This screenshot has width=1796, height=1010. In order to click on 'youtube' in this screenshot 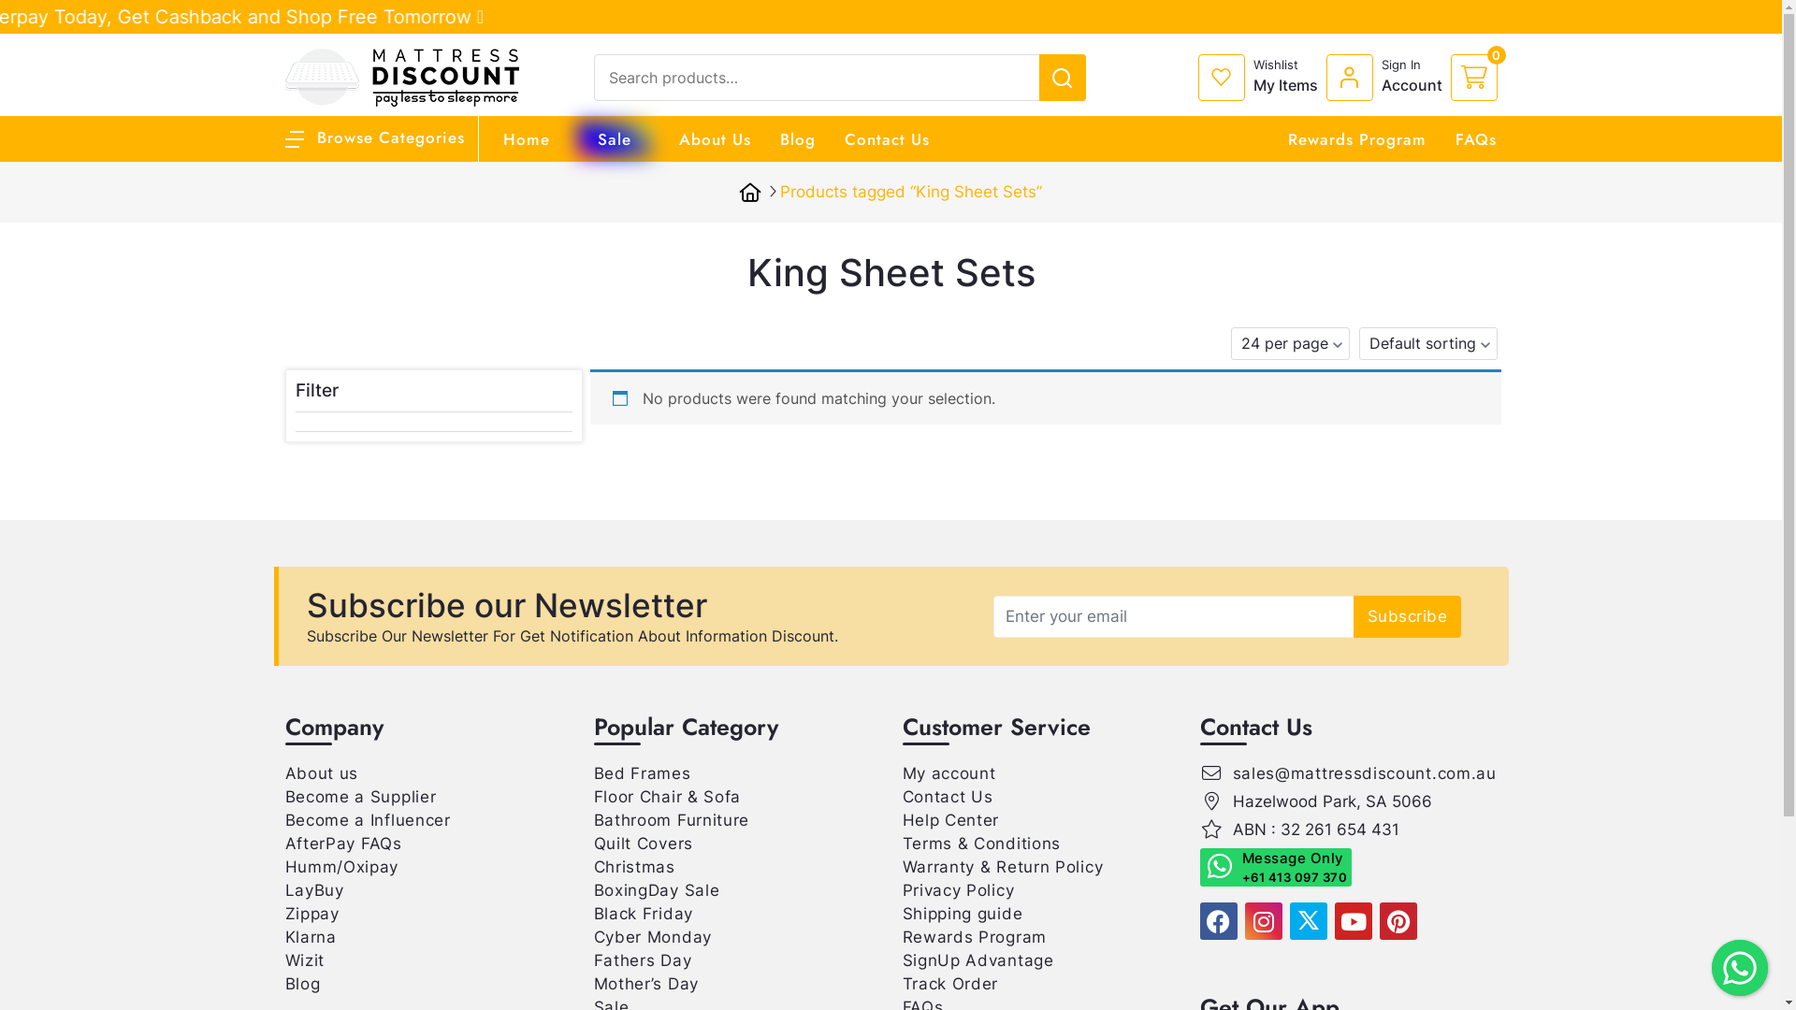, I will do `click(1352, 919)`.